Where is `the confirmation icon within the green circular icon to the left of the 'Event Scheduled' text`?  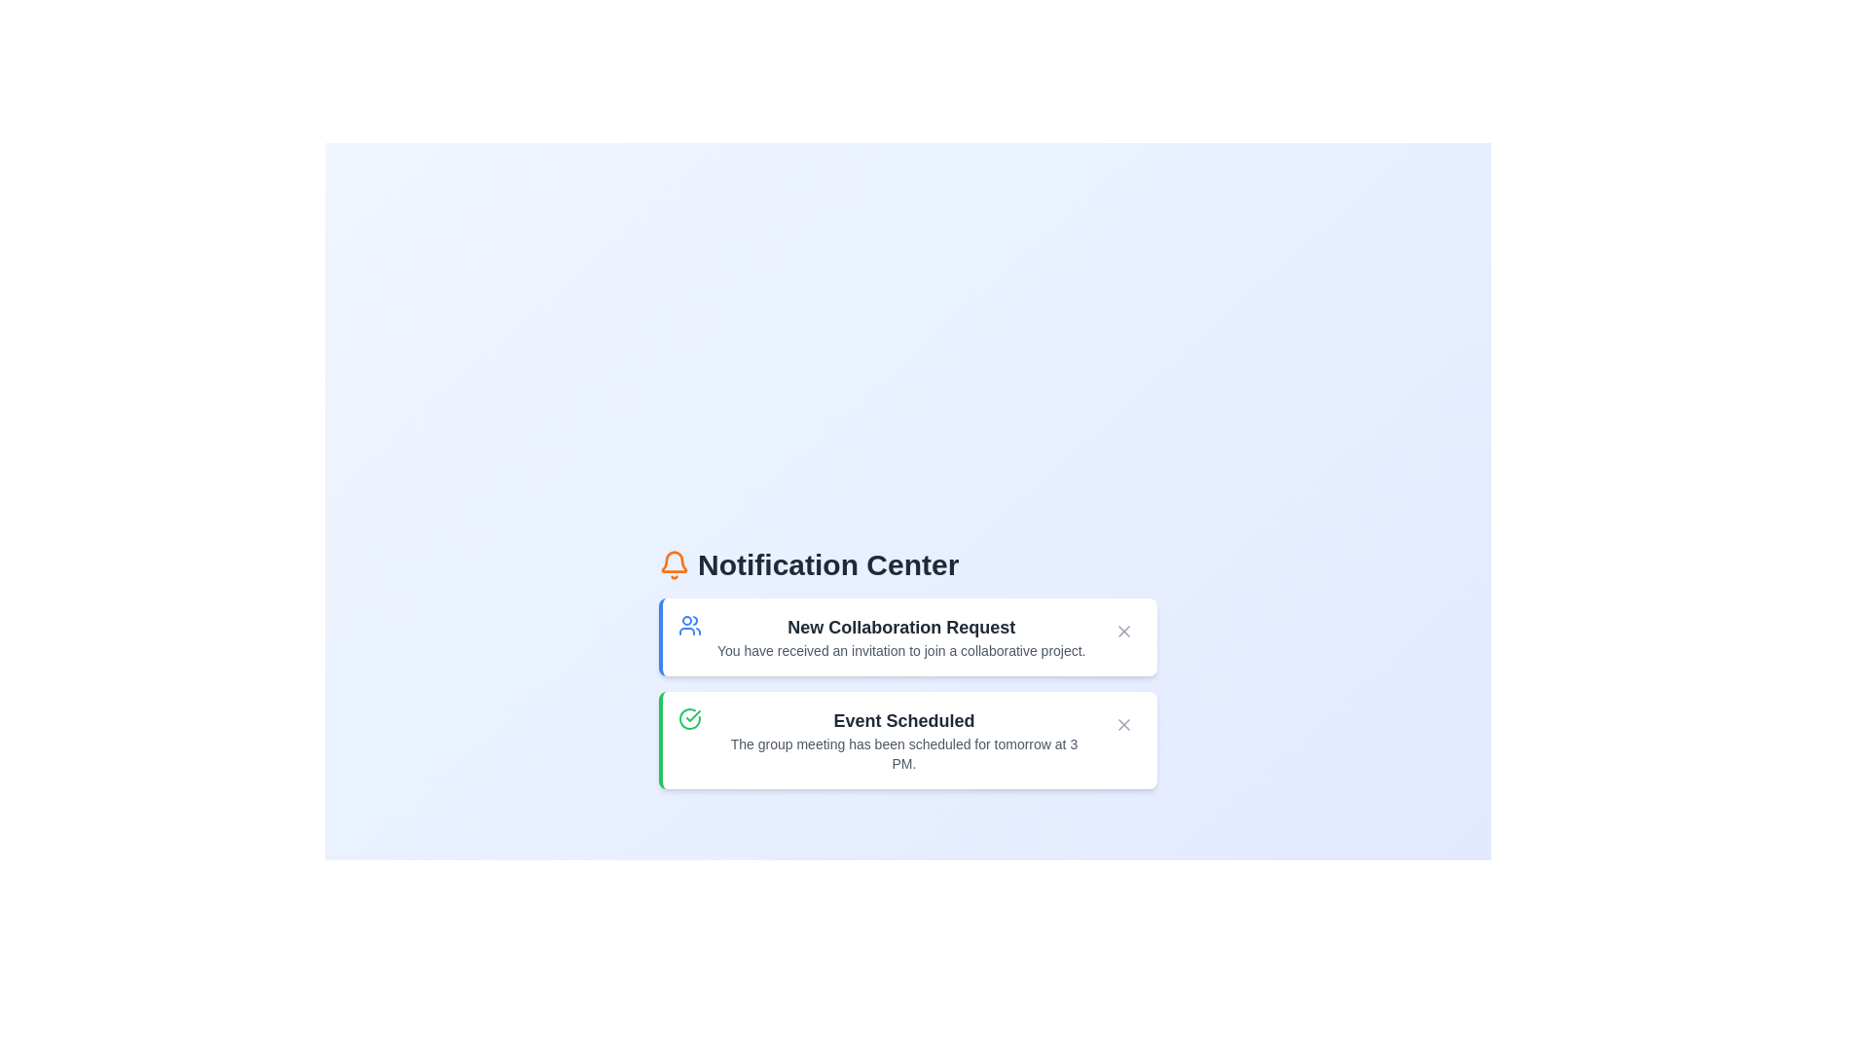
the confirmation icon within the green circular icon to the left of the 'Event Scheduled' text is located at coordinates (693, 716).